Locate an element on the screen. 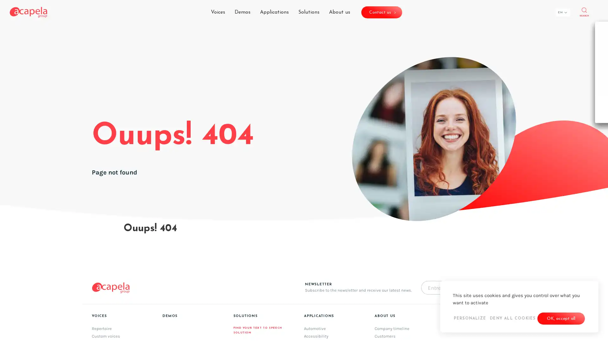  Sign up is located at coordinates (376, 216).